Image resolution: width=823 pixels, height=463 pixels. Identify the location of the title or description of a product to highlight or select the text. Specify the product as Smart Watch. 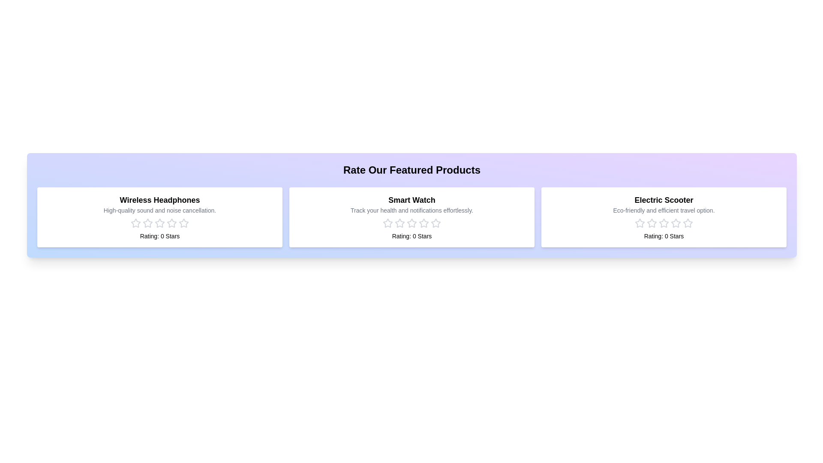
(411, 200).